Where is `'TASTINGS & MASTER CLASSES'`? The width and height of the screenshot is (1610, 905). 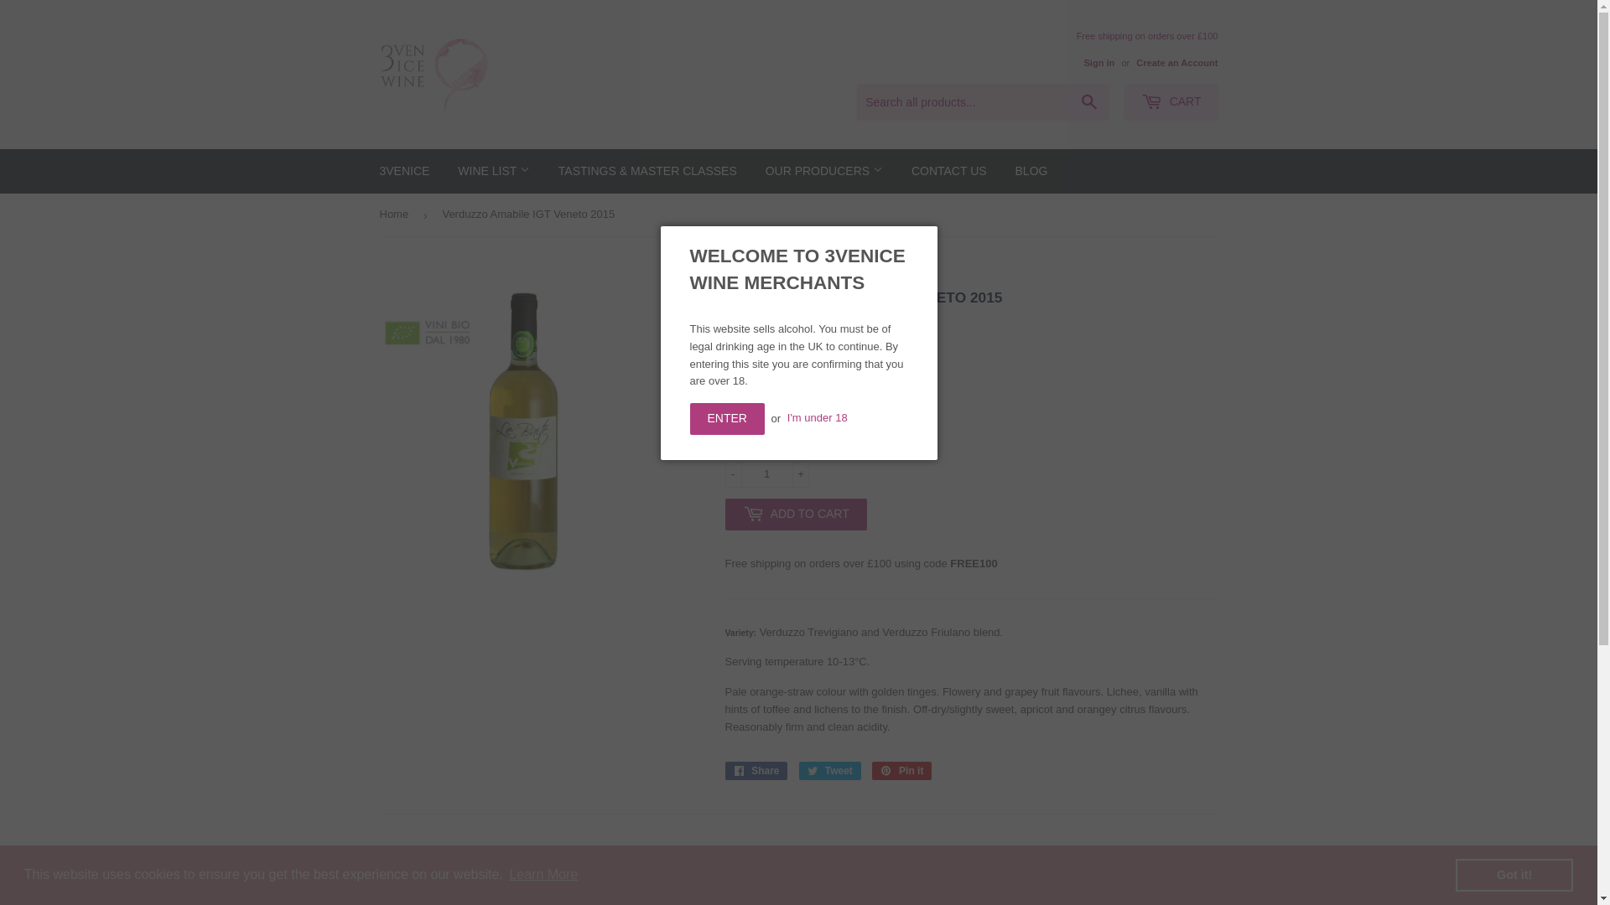 'TASTINGS & MASTER CLASSES' is located at coordinates (647, 171).